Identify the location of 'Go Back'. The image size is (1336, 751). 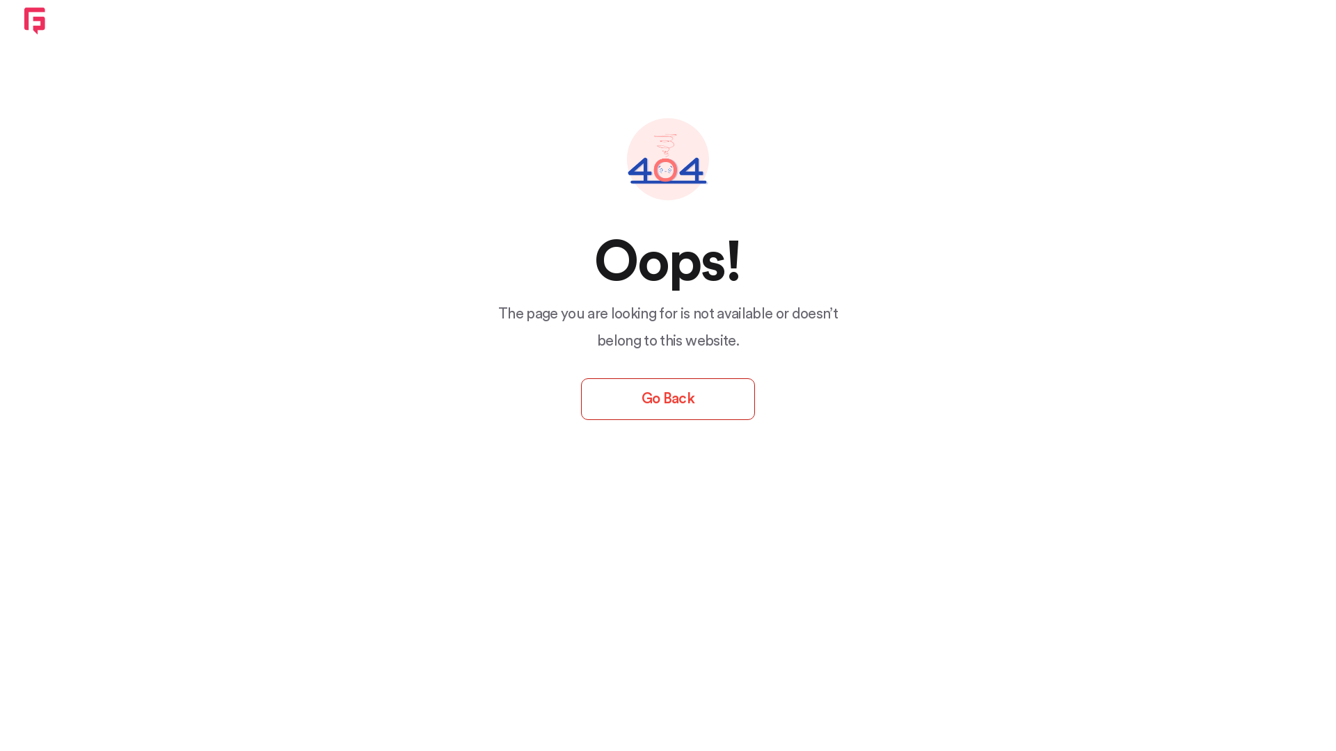
(581, 399).